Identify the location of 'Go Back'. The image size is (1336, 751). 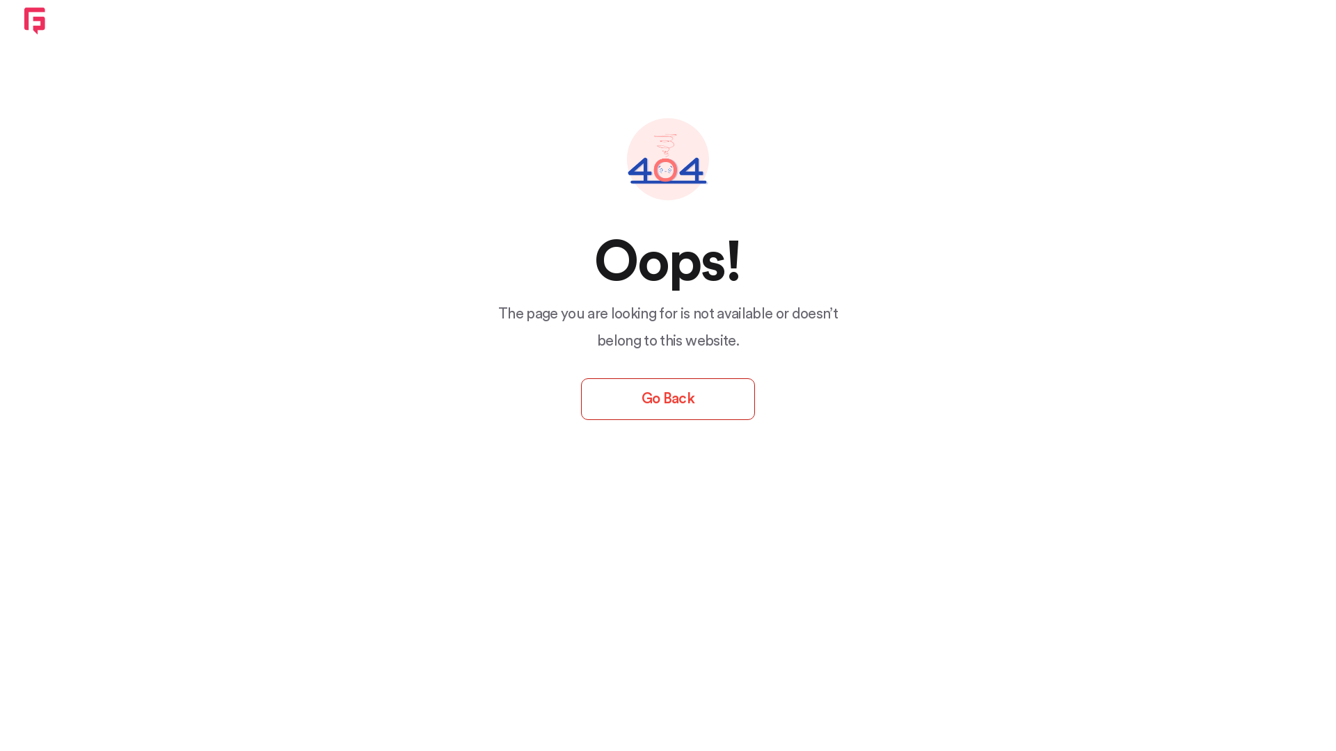
(581, 399).